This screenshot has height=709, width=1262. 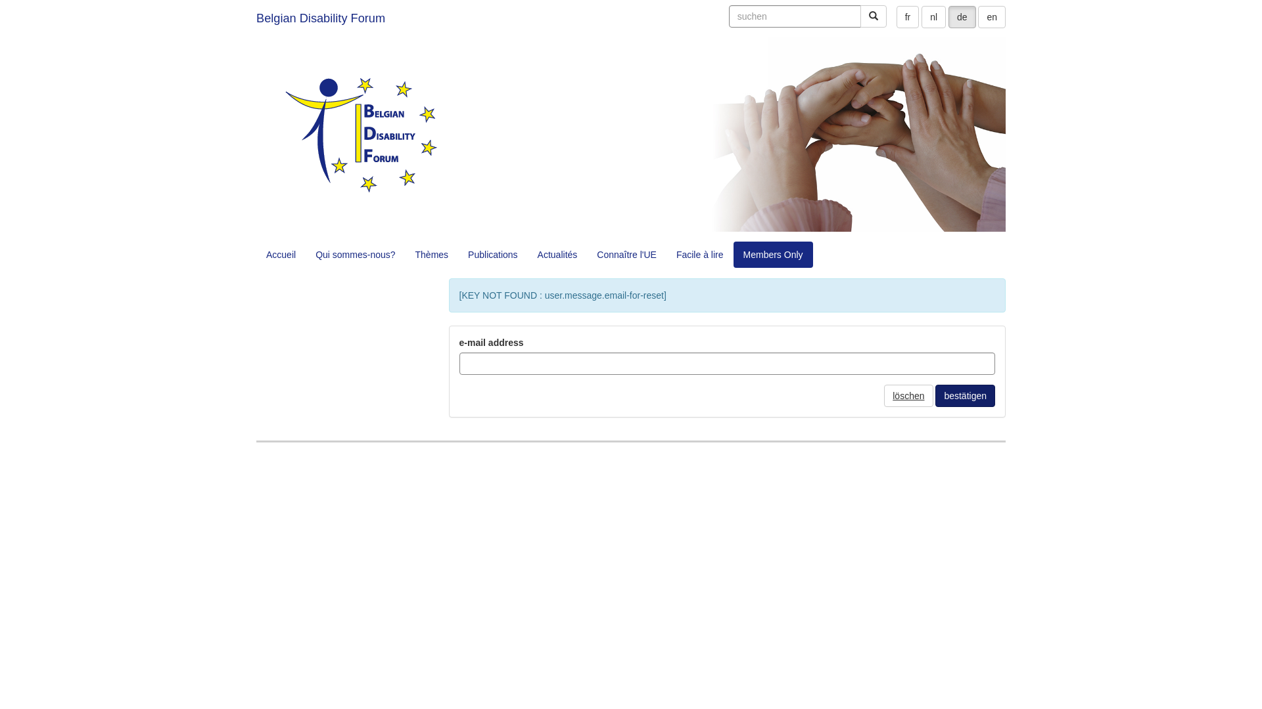 What do you see at coordinates (321, 18) in the screenshot?
I see `'Belgian Disability Forum'` at bounding box center [321, 18].